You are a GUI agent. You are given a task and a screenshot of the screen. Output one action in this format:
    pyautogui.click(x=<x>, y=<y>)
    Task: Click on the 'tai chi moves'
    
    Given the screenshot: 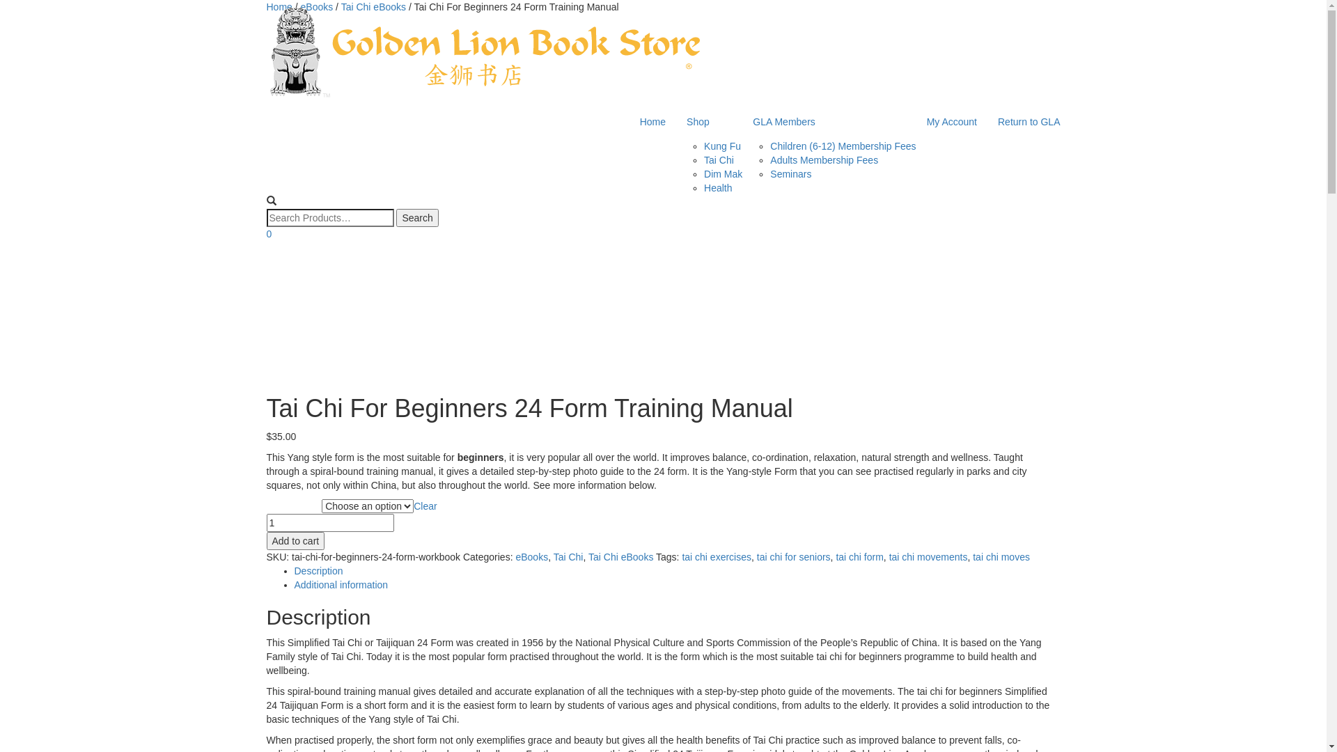 What is the action you would take?
    pyautogui.click(x=1001, y=556)
    